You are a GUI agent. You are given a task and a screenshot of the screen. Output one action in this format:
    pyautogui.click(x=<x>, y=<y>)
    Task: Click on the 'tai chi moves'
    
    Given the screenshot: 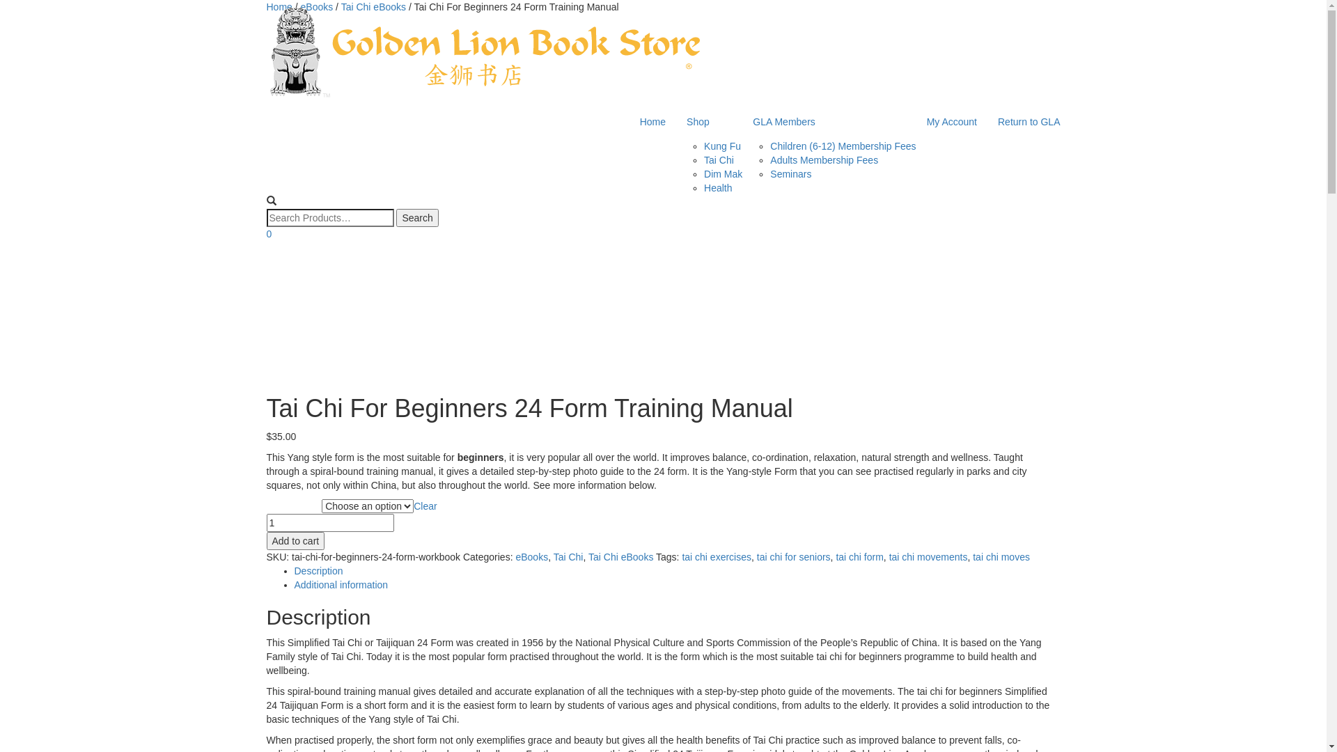 What is the action you would take?
    pyautogui.click(x=1001, y=556)
    